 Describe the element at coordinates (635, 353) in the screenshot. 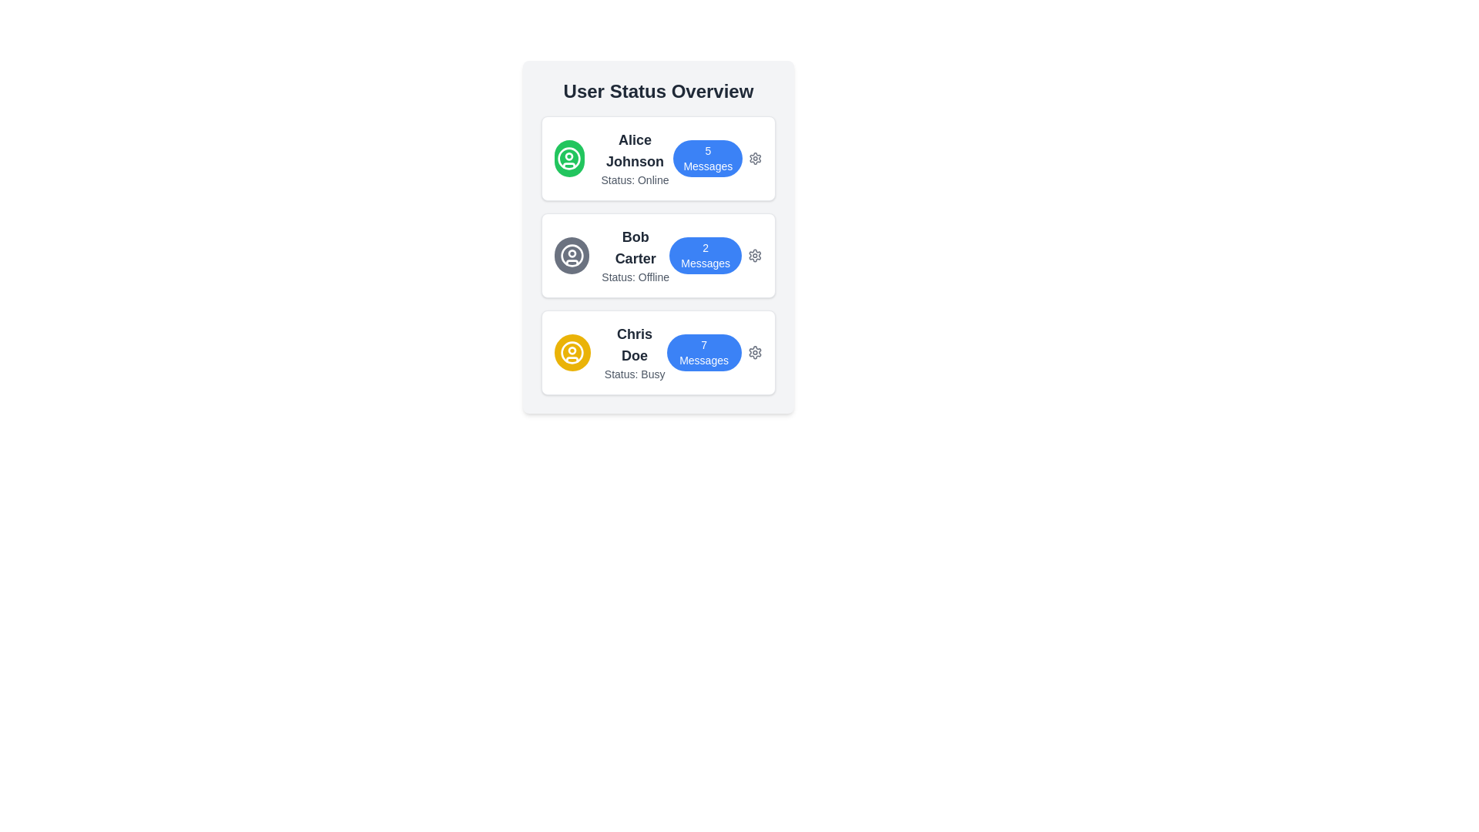

I see `the text label displaying 'Chris Doe' and 'Status: Busy' in the 'User Status Overview' section, located between a yellow icon and a blue button labeled '7 Messages'` at that location.